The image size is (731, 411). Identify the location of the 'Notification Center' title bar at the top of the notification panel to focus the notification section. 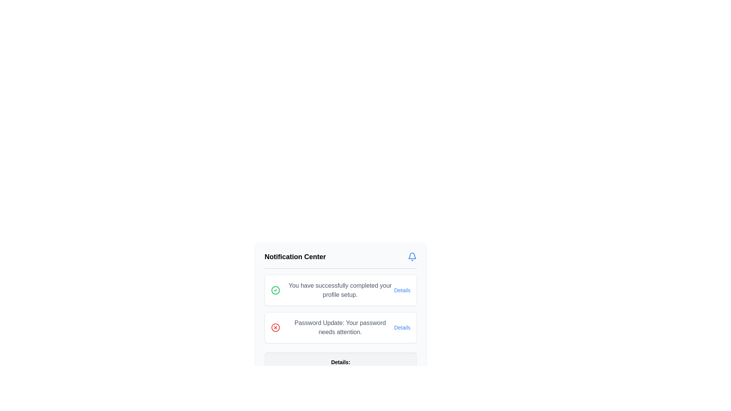
(340, 259).